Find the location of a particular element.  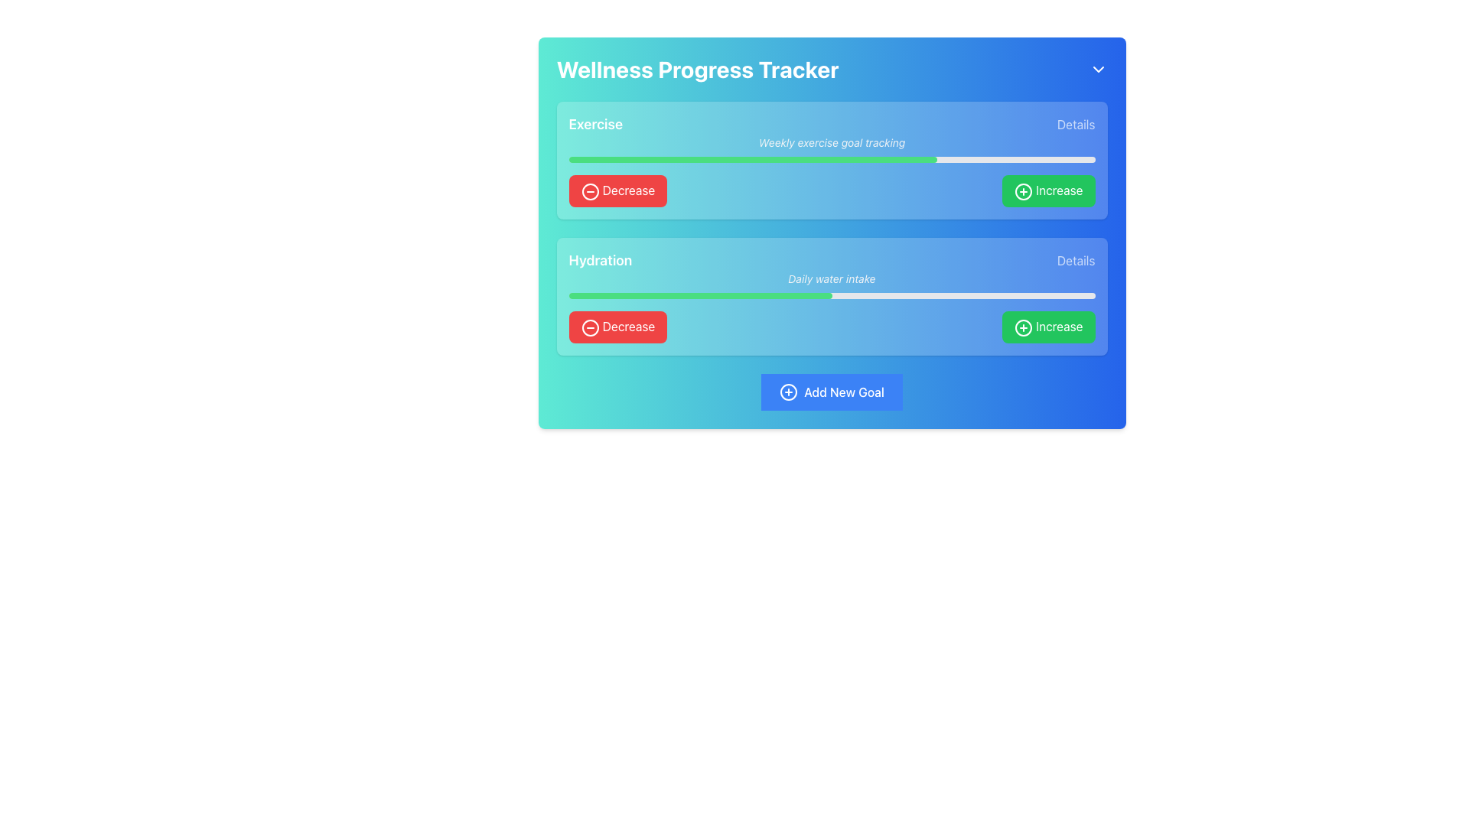

the 'Decrease' button with a vibrant red background and white text located in the 'Hydration' section is located at coordinates (617, 326).